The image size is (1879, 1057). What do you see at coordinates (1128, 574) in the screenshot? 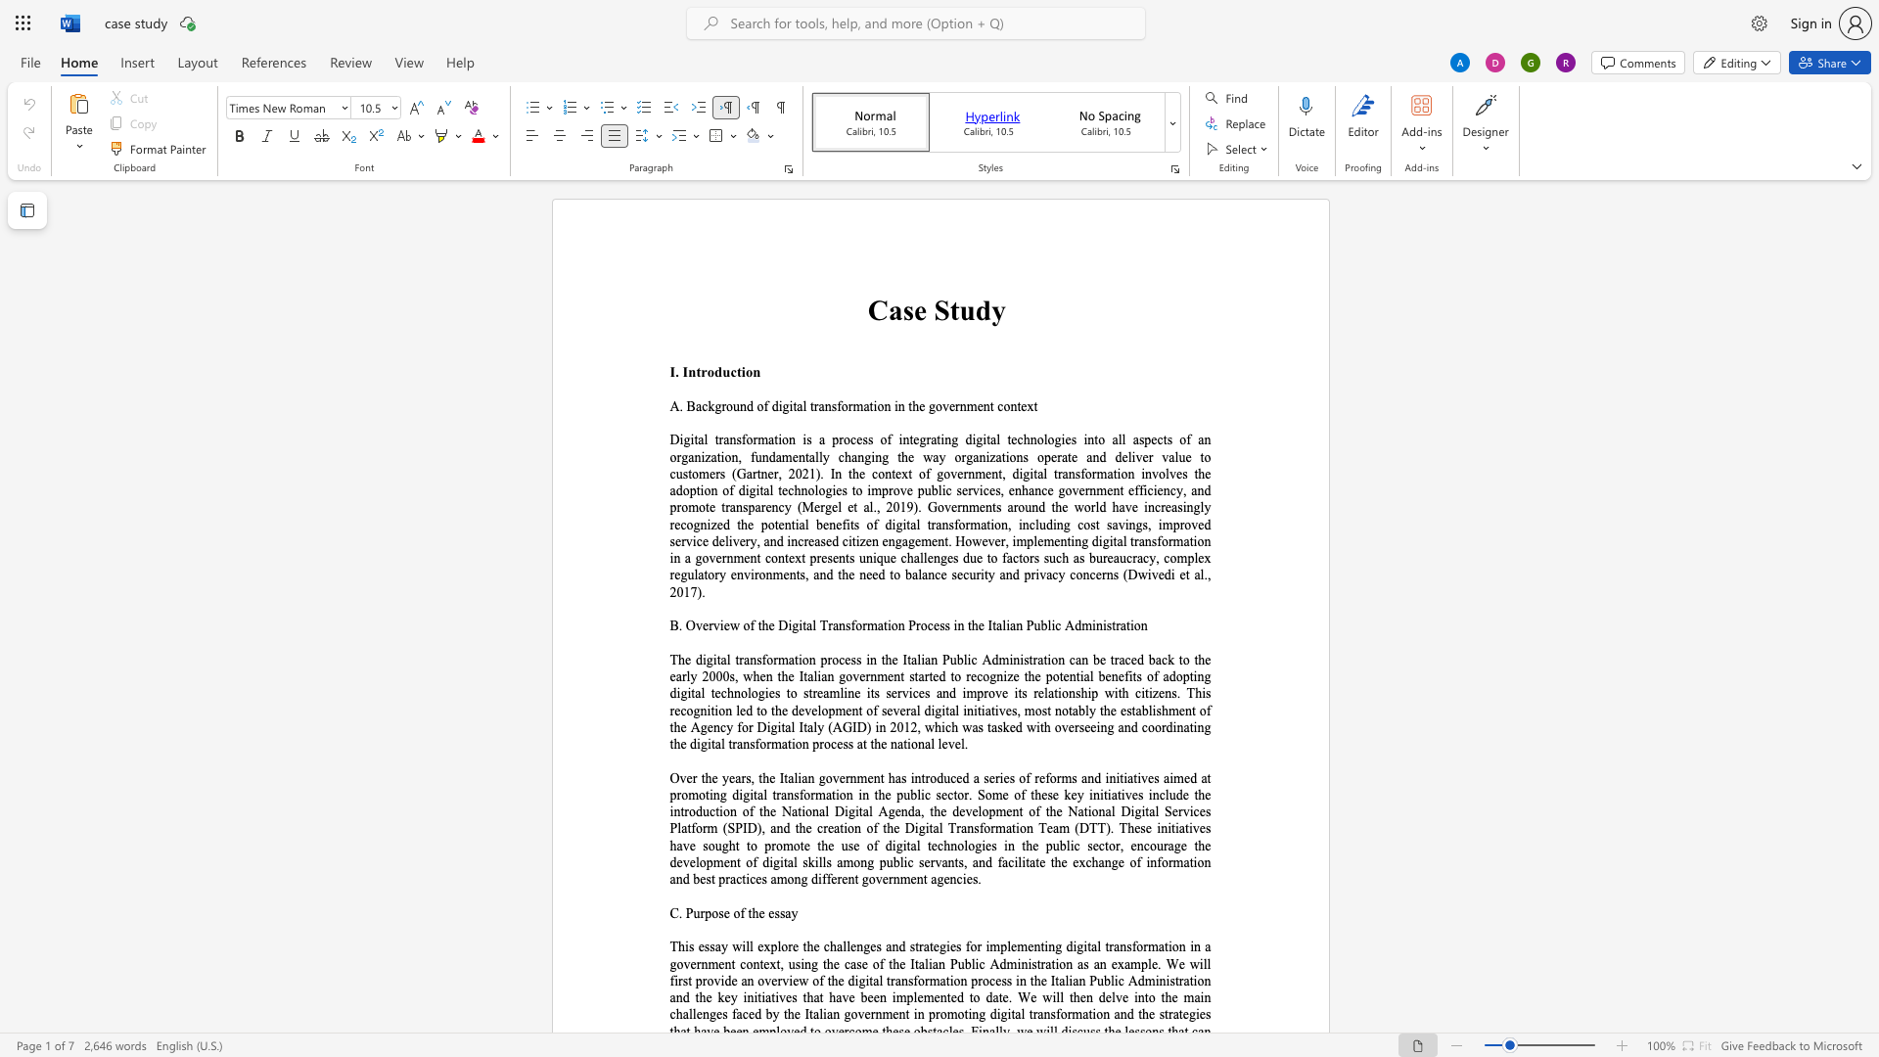
I see `the space between the continuous character "(" and "D" in the text` at bounding box center [1128, 574].